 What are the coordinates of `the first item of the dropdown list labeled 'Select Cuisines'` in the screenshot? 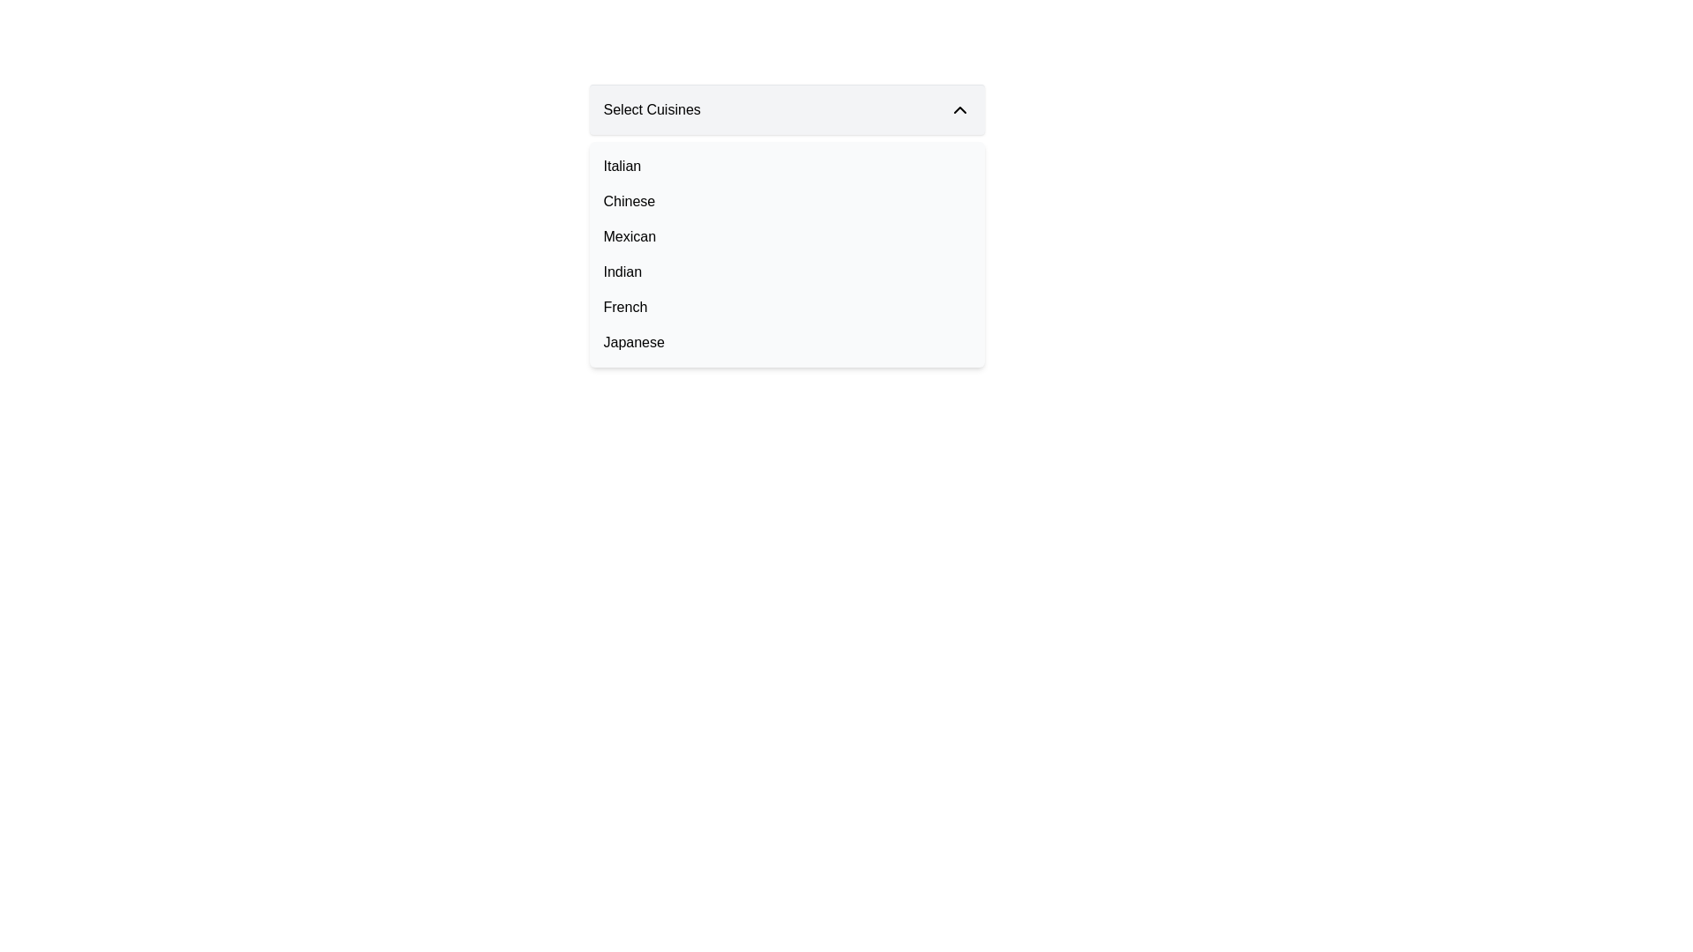 It's located at (786, 167).